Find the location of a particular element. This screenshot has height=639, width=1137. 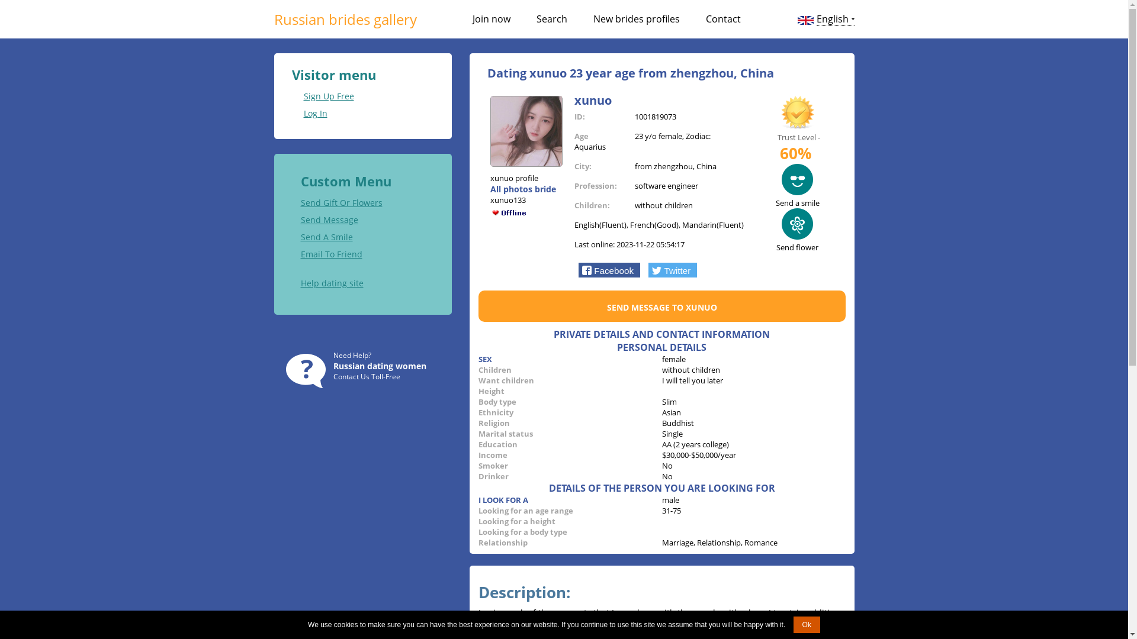

'English' is located at coordinates (834, 19).